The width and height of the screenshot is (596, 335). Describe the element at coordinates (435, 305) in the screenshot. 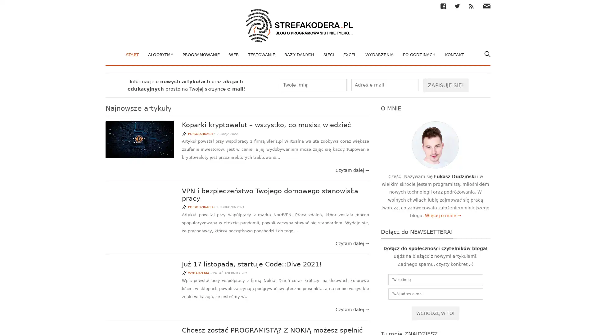

I see `Wchodze w to!` at that location.